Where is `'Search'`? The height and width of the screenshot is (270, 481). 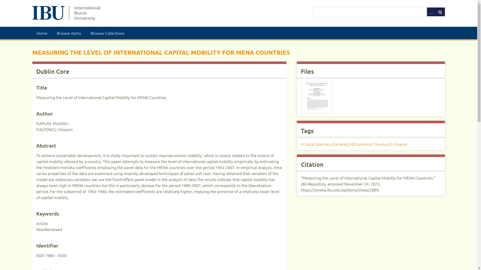
'Search' is located at coordinates (312, 11).